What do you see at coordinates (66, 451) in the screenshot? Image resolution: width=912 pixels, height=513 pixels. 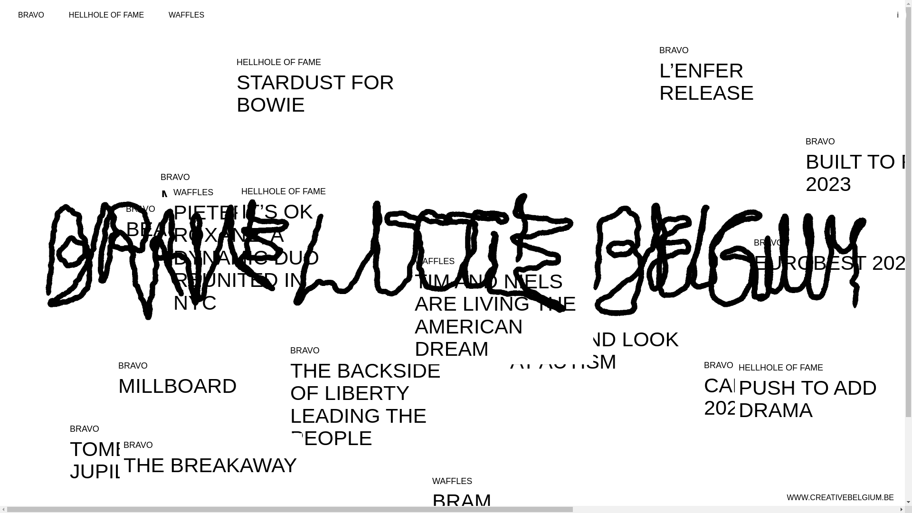 I see `'BRAVO` at bounding box center [66, 451].